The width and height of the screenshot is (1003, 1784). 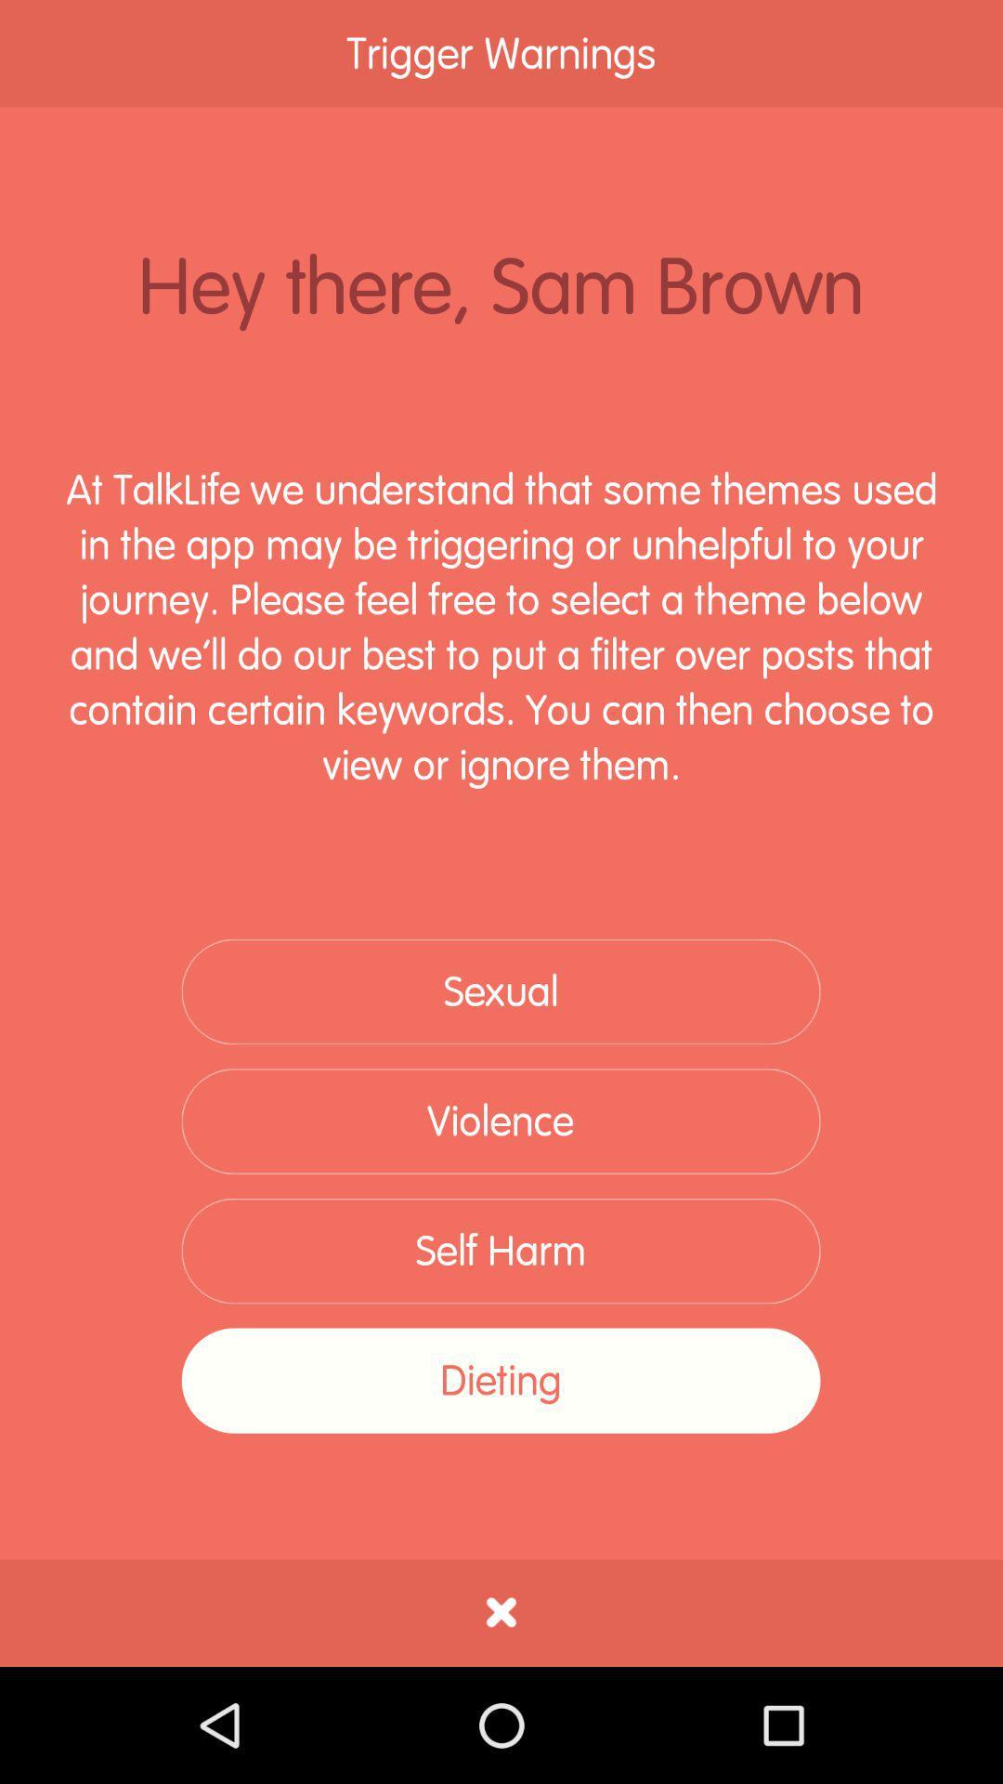 What do you see at coordinates (500, 1251) in the screenshot?
I see `icon above the dieting item` at bounding box center [500, 1251].